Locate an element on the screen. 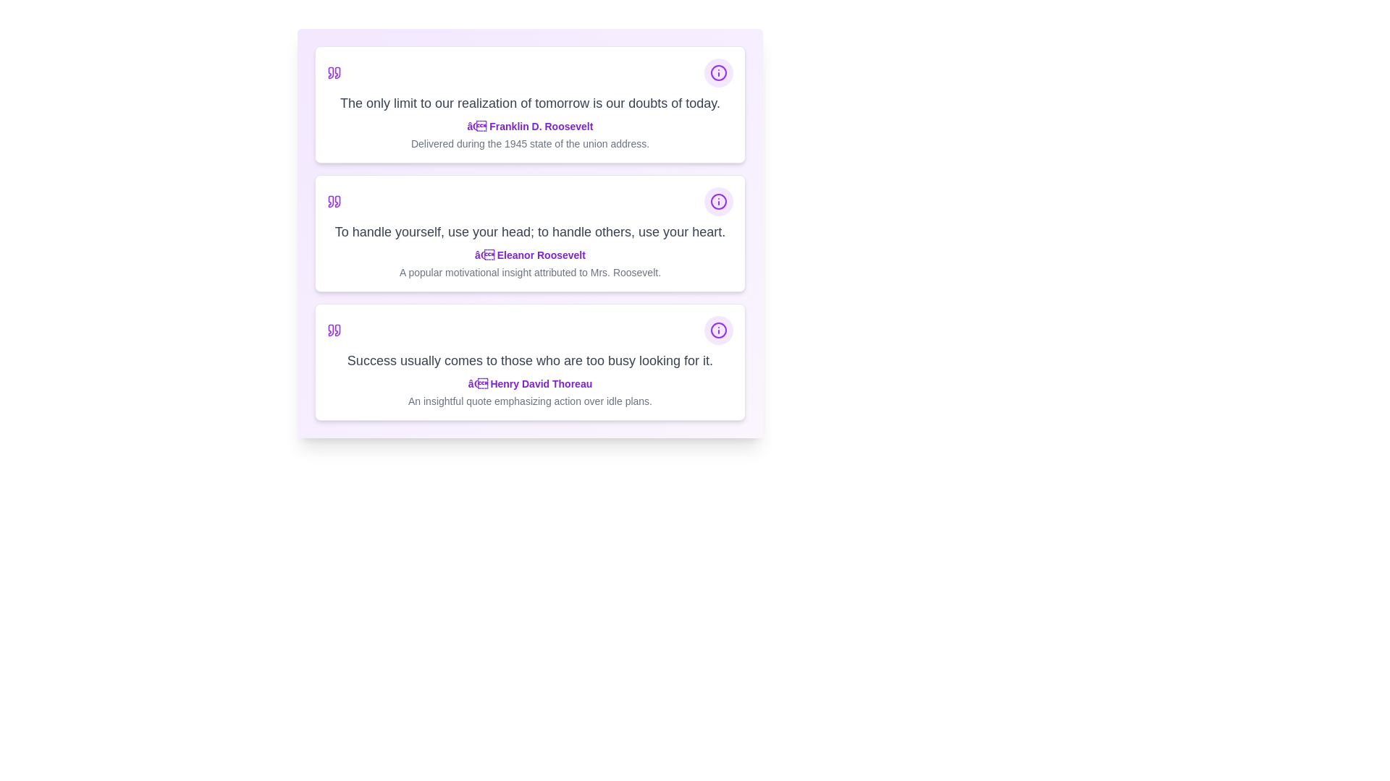 The image size is (1390, 781). the quote start icon located in the upper-left corner of the first card containing a quote by Franklin D. Roosevelt is located at coordinates (333, 72).